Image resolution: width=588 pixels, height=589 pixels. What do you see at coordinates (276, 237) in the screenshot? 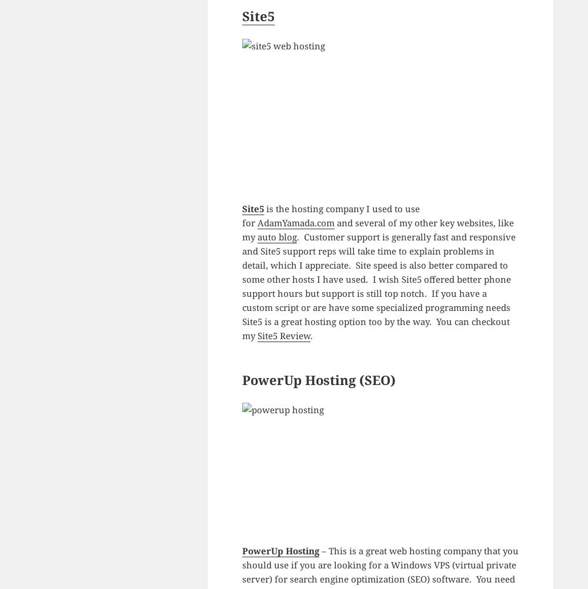
I see `'auto blog'` at bounding box center [276, 237].